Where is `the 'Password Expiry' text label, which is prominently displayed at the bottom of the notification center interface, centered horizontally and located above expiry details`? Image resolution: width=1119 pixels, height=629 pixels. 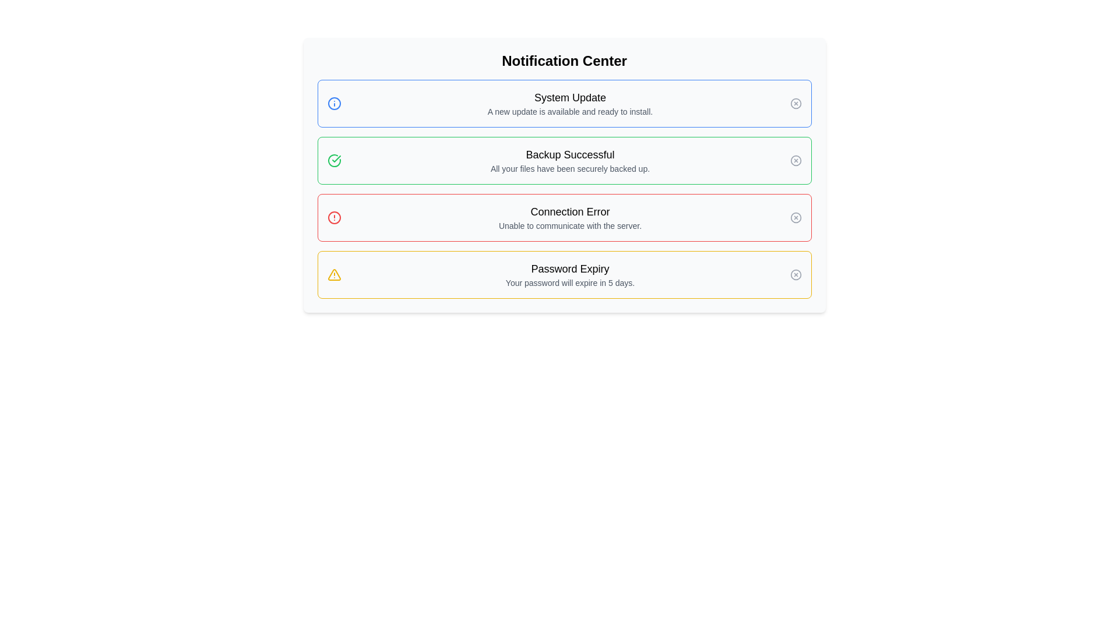 the 'Password Expiry' text label, which is prominently displayed at the bottom of the notification center interface, centered horizontally and located above expiry details is located at coordinates (570, 269).